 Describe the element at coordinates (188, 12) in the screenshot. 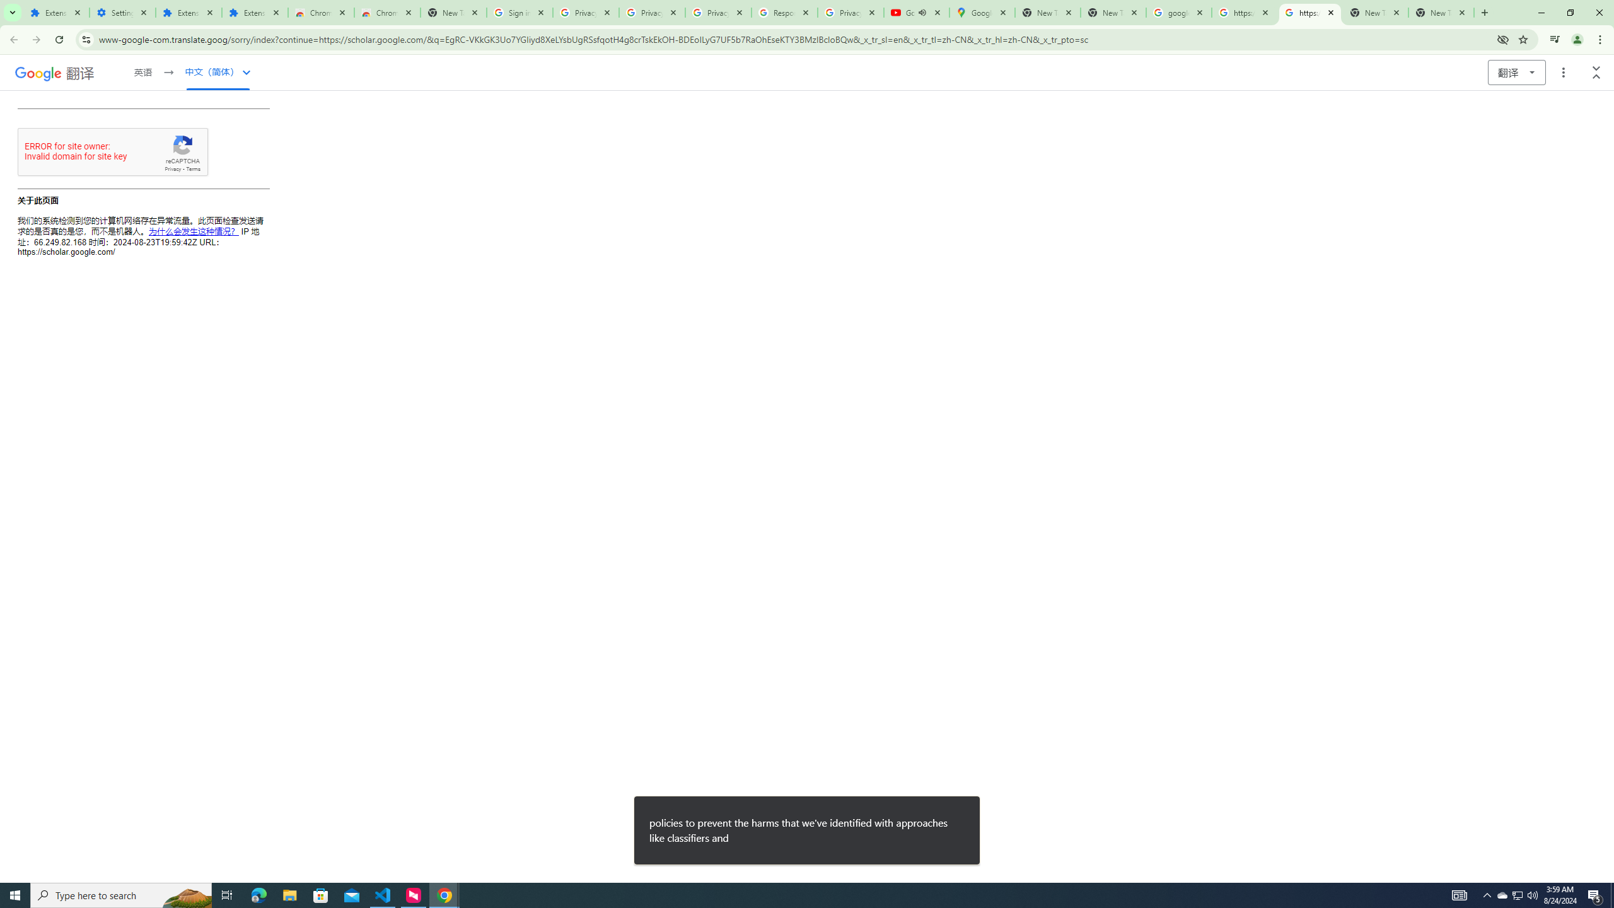

I see `'Extensions'` at that location.